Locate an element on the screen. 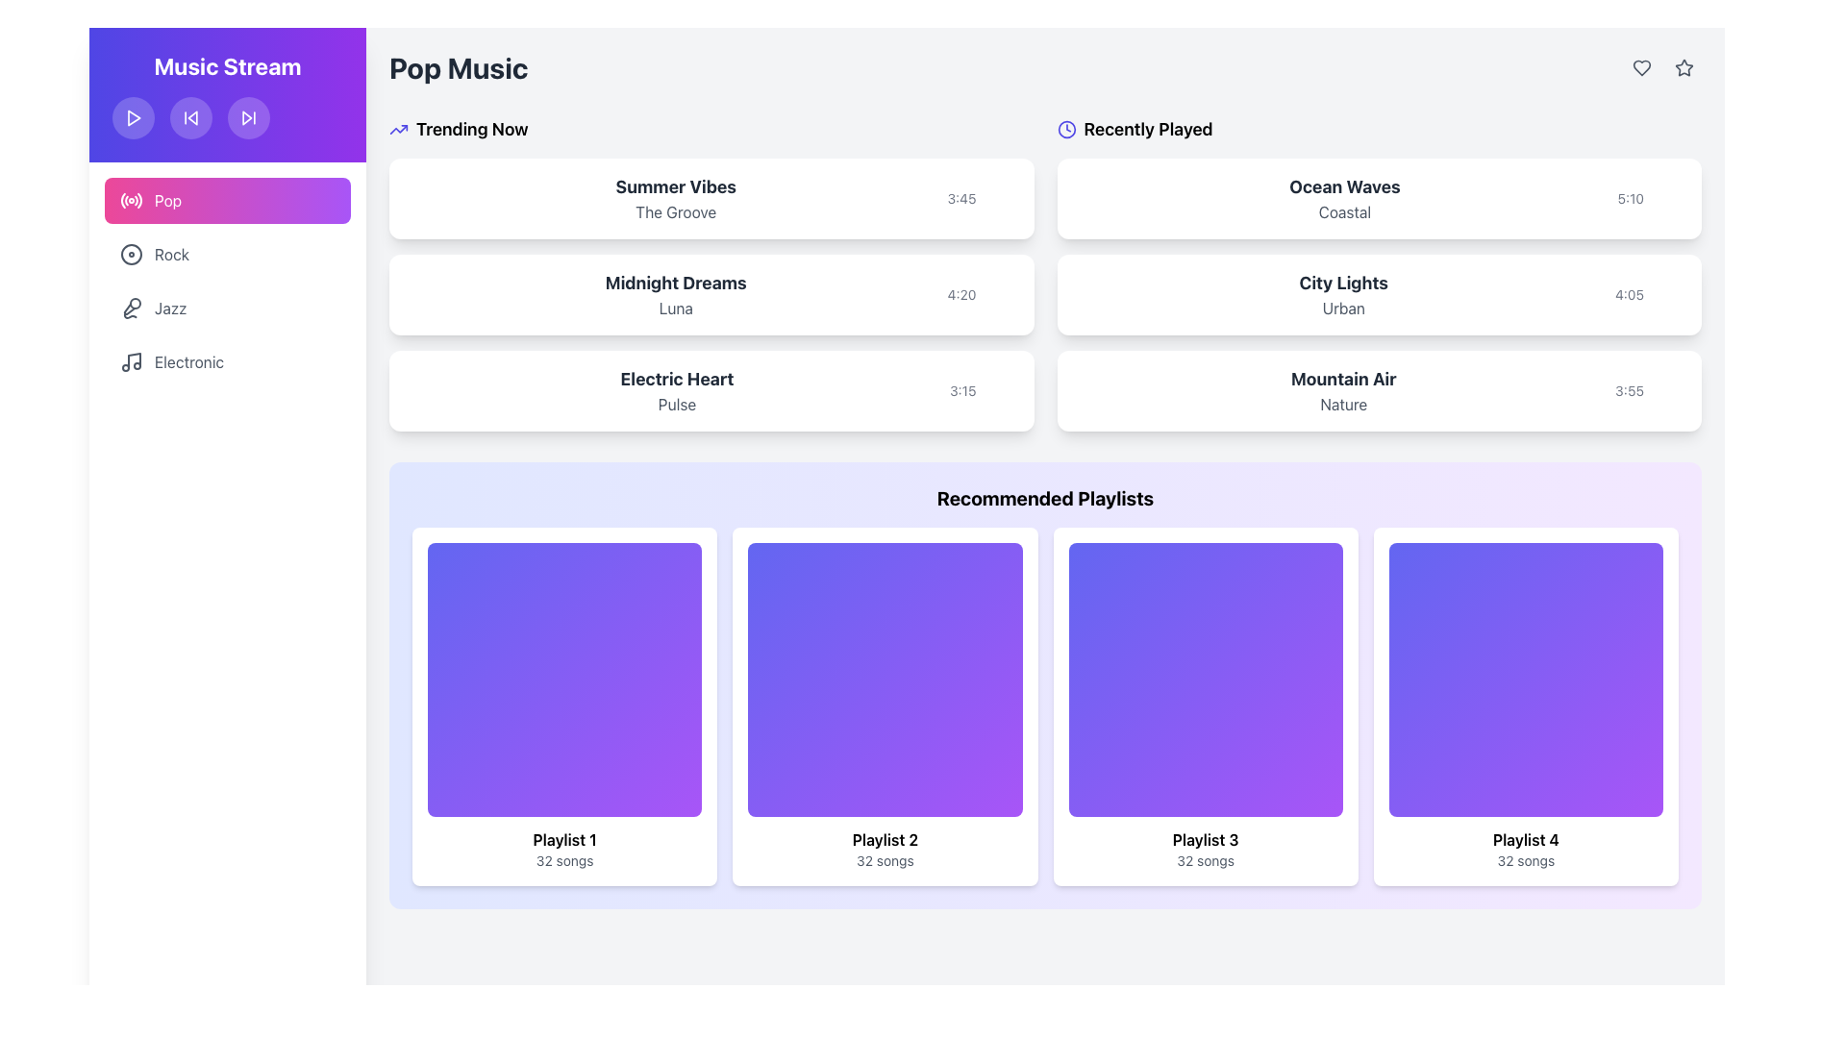 The width and height of the screenshot is (1846, 1038). the button with a gradient background labeled 'Pop' that is located at the top of the vertical list in the left sidebar is located at coordinates (227, 200).